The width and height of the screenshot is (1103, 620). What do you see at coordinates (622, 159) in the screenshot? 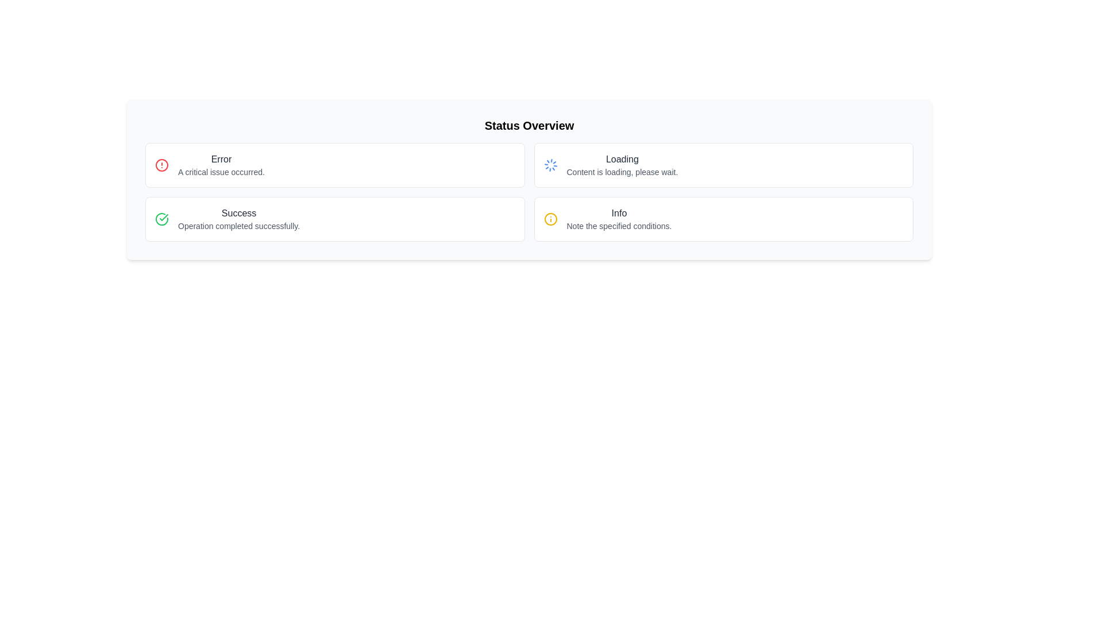
I see `the Text Label indicating an ongoing loading process, which is located in the top-right region of the main interface, above the subtext 'Content is loading, please wait'` at bounding box center [622, 159].